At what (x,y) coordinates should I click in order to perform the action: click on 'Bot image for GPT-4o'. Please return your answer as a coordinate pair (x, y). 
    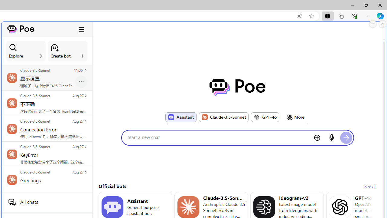
    Looking at the image, I should click on (257, 117).